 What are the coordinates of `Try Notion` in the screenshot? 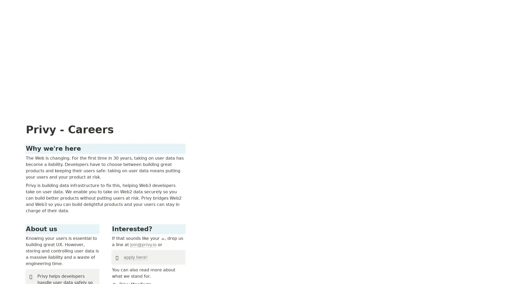 It's located at (488, 6).